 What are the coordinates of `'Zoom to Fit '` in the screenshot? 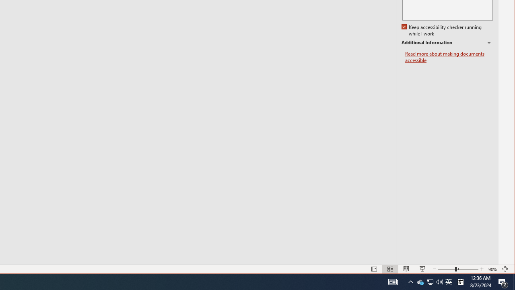 It's located at (492, 269).